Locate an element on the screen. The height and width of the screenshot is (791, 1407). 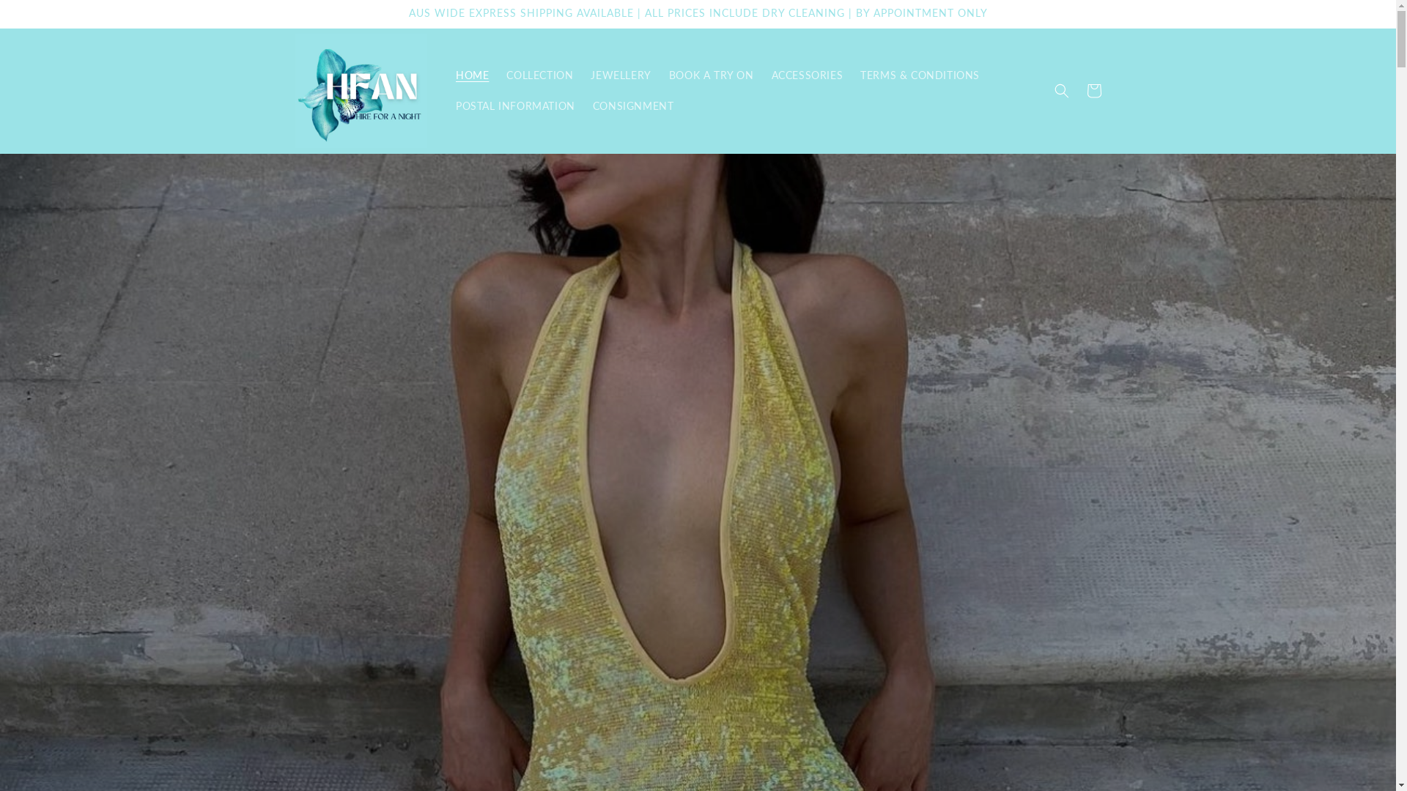
'POSTAL INFORMATION' is located at coordinates (515, 105).